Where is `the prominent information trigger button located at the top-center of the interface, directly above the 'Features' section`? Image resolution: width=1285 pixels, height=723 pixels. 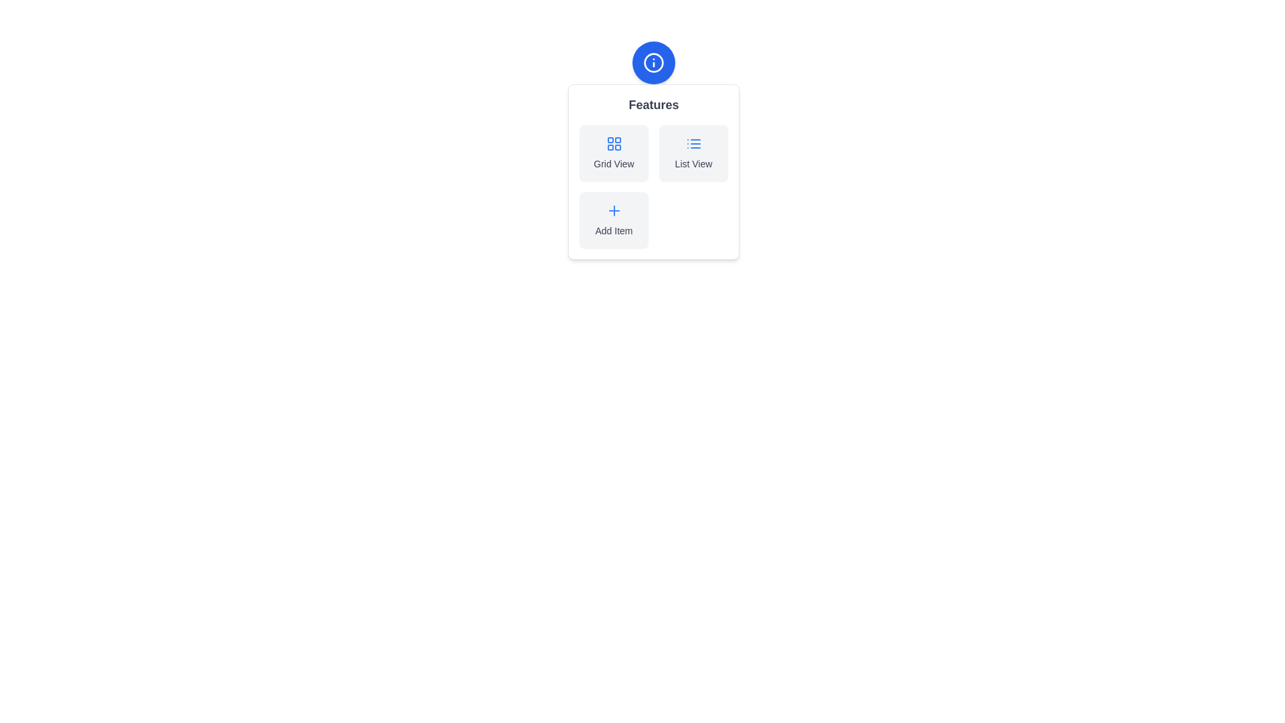
the prominent information trigger button located at the top-center of the interface, directly above the 'Features' section is located at coordinates (654, 62).